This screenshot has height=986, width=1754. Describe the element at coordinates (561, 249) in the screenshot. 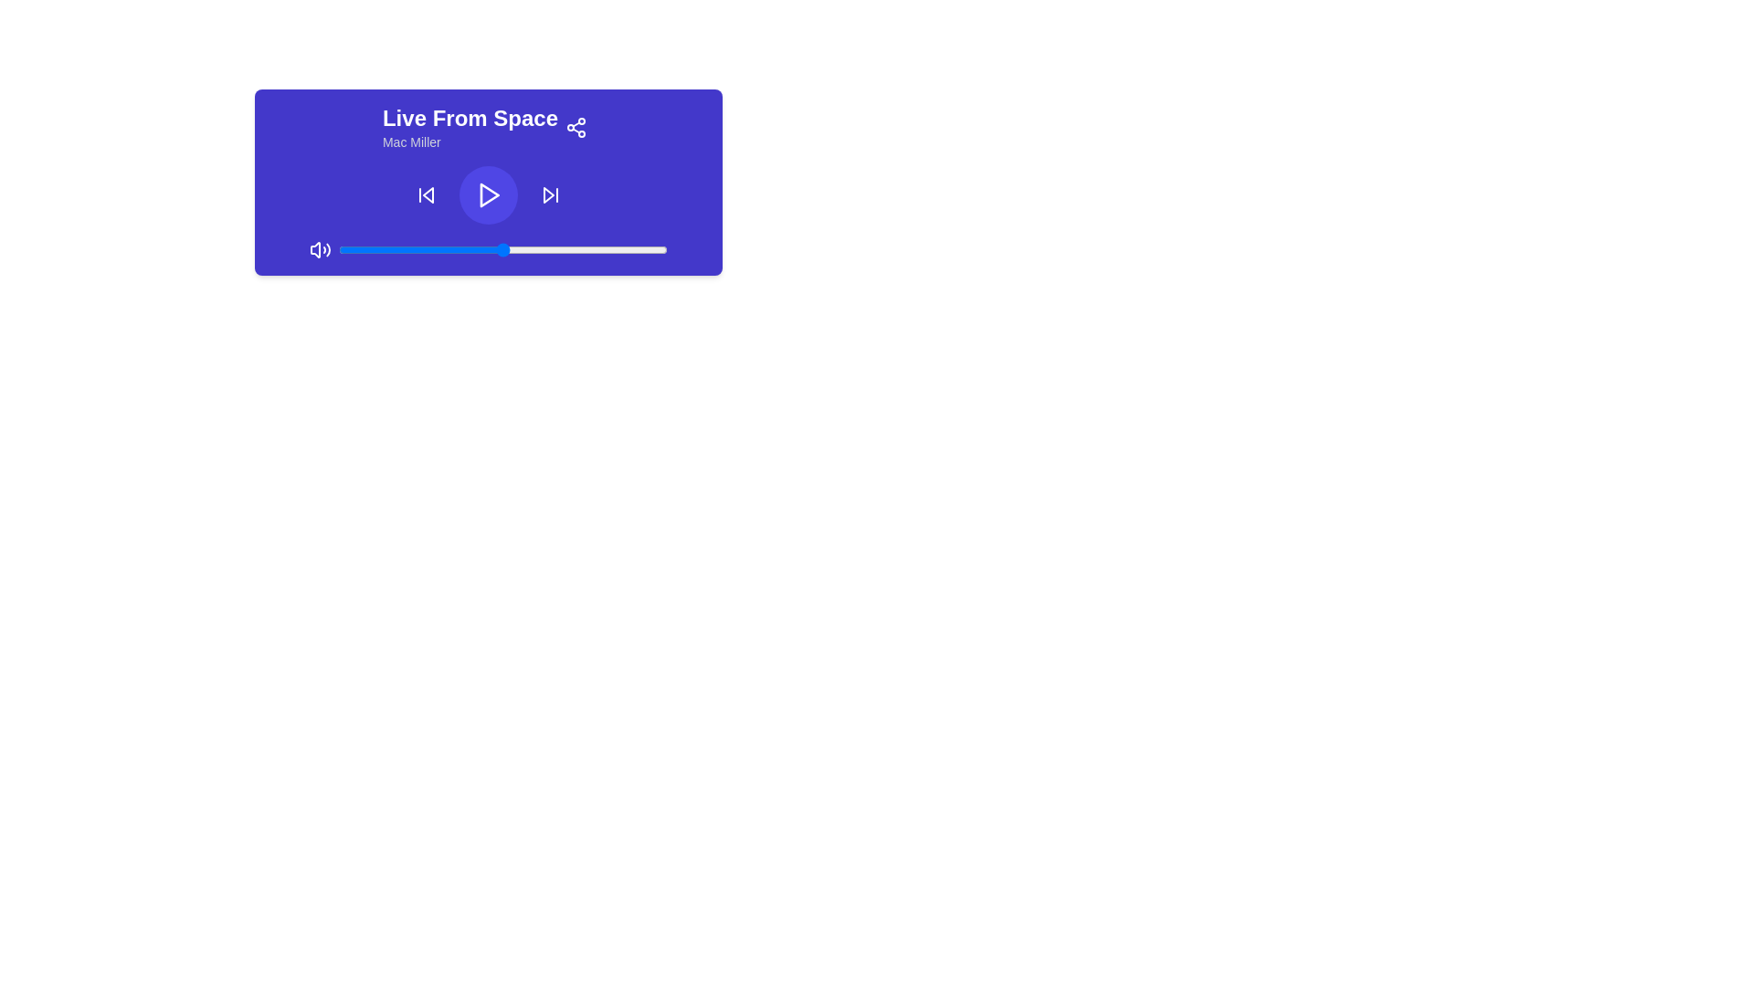

I see `the slider value` at that location.